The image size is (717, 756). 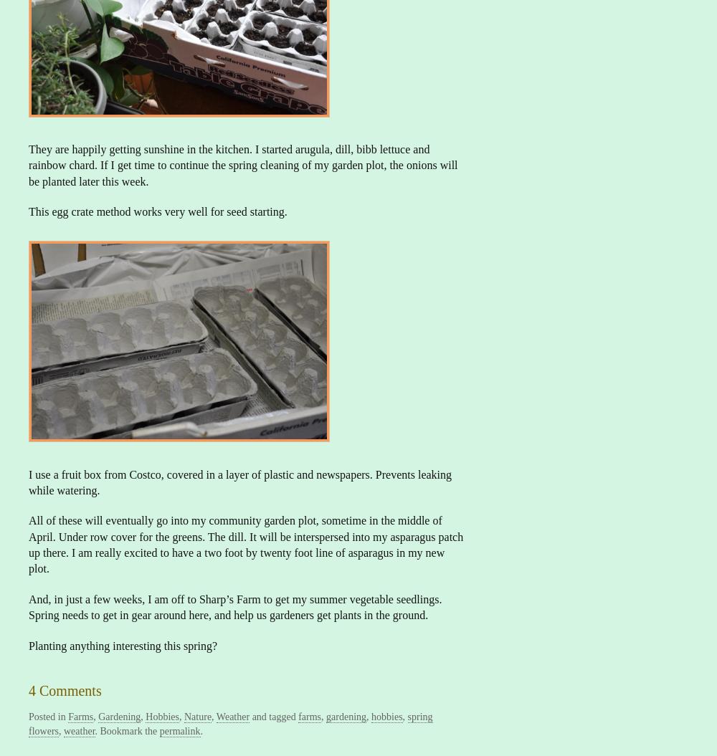 I want to click on 'Farms', so click(x=80, y=716).